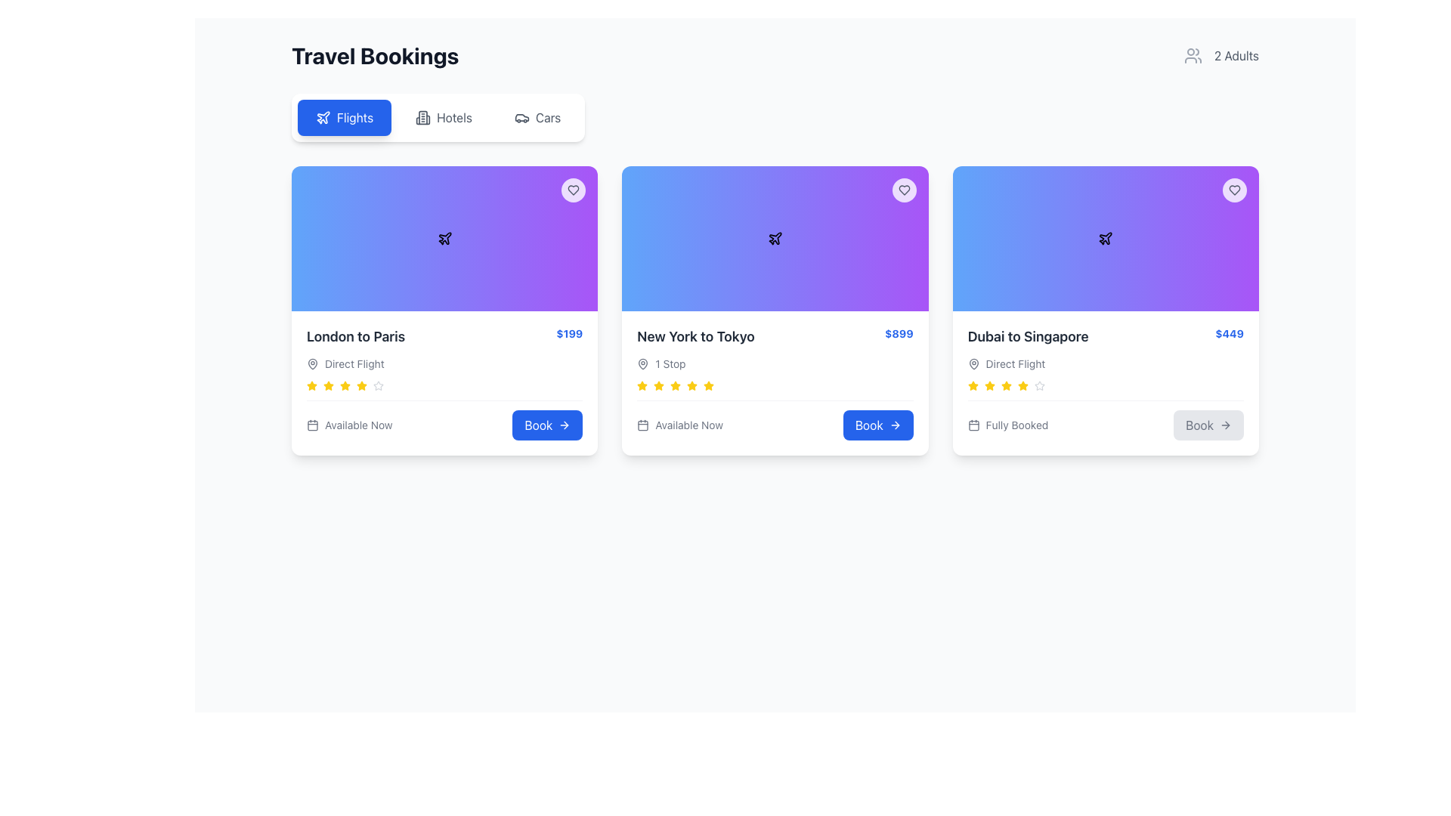 This screenshot has width=1451, height=816. What do you see at coordinates (521, 116) in the screenshot?
I see `the 'Cars' category icon located on the left side of the group, which is positioned to the left of the circular shapes representing wheels` at bounding box center [521, 116].